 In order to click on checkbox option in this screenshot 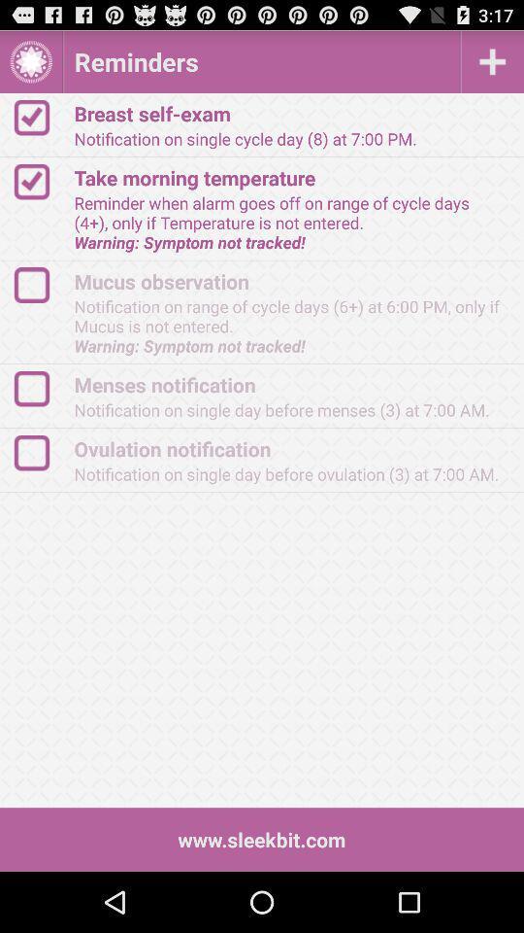, I will do `click(41, 388)`.